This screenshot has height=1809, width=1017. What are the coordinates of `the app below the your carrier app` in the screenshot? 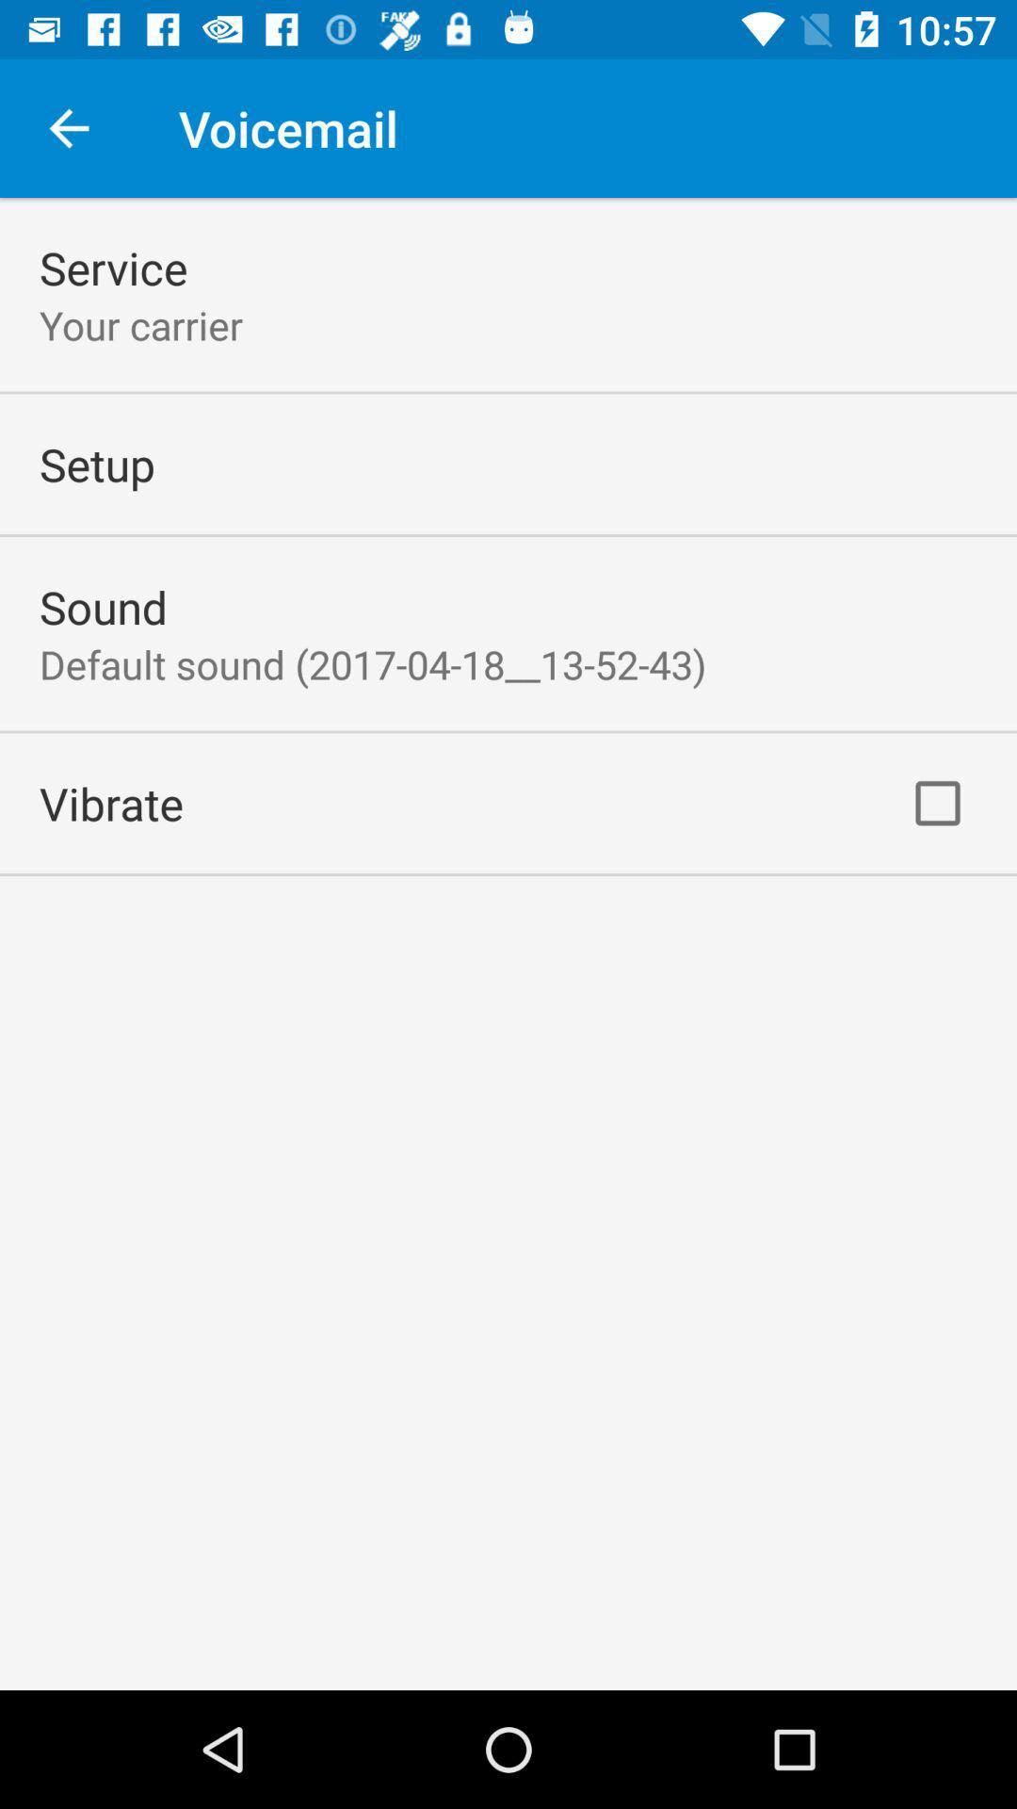 It's located at (97, 464).